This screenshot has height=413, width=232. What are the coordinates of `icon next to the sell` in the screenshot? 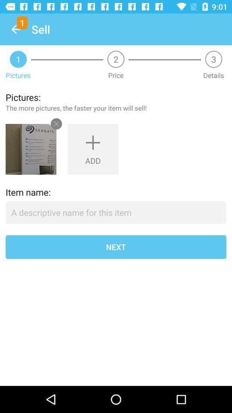 It's located at (15, 29).